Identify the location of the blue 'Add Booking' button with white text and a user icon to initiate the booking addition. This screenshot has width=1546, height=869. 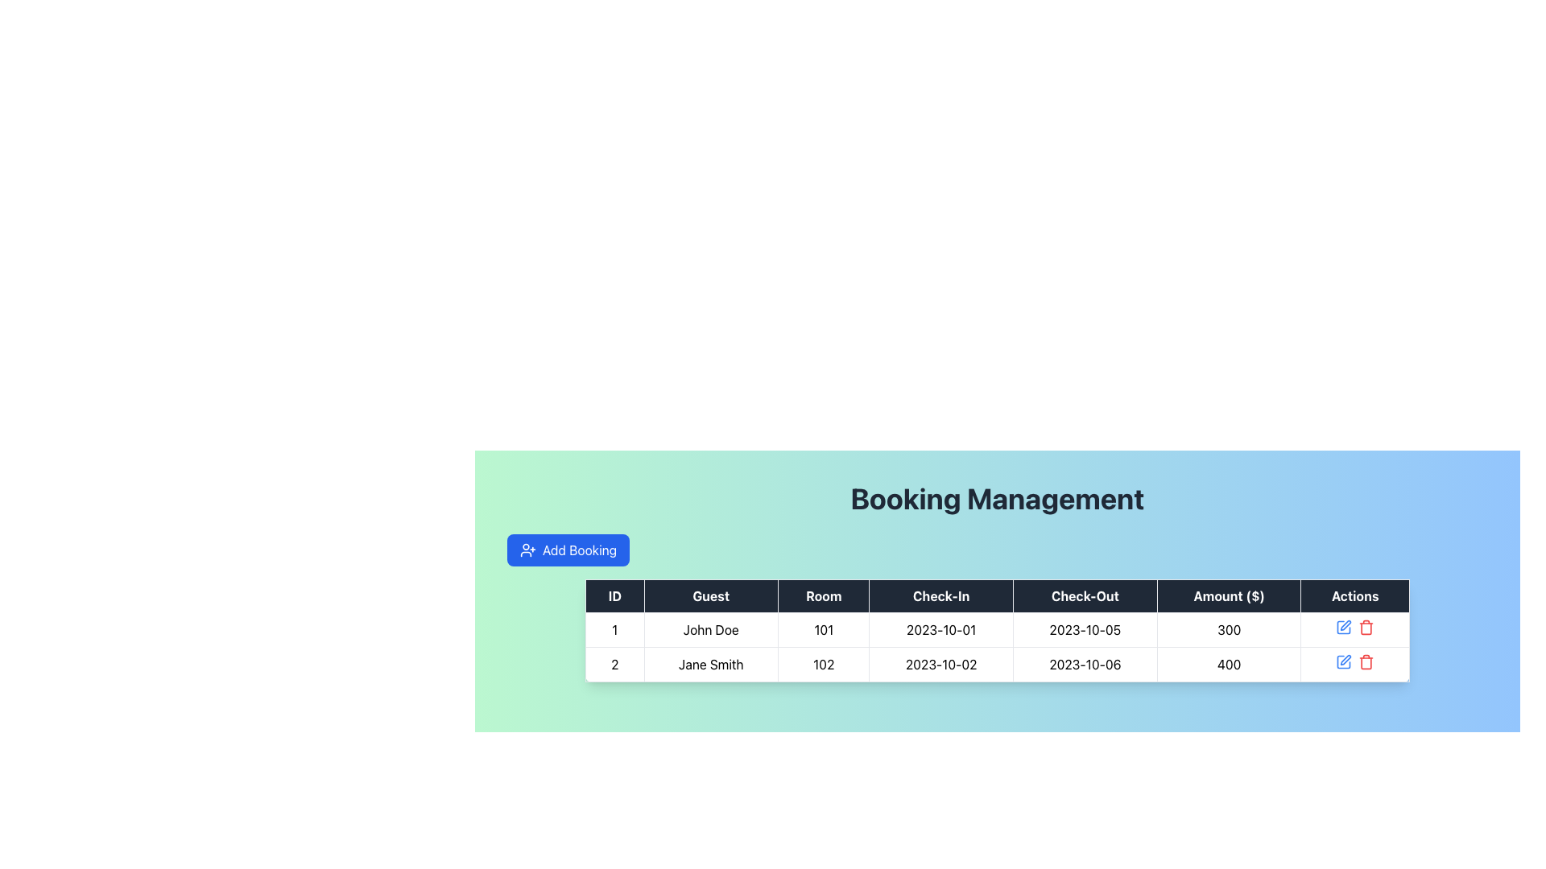
(568, 549).